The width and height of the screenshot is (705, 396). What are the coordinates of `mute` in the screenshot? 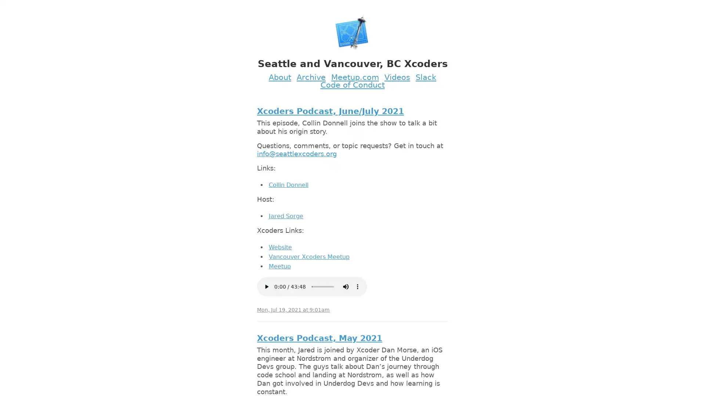 It's located at (345, 286).